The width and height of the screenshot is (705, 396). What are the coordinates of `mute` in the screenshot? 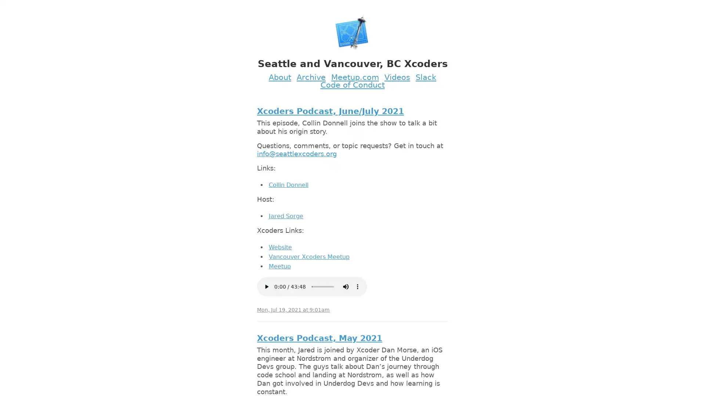 It's located at (345, 286).